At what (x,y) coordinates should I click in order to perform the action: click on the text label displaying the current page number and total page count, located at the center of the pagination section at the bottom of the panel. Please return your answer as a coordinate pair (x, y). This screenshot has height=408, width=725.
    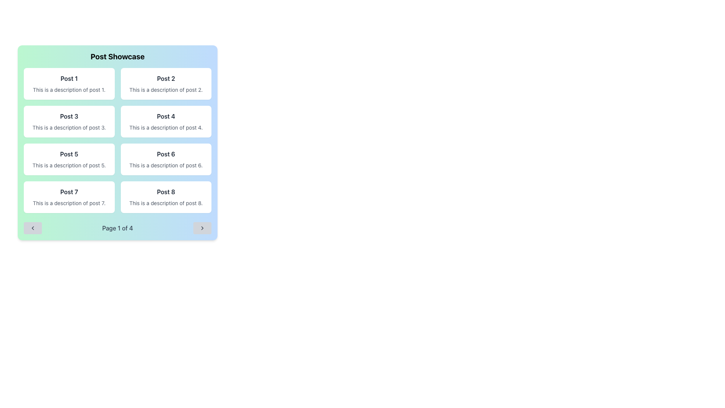
    Looking at the image, I should click on (117, 228).